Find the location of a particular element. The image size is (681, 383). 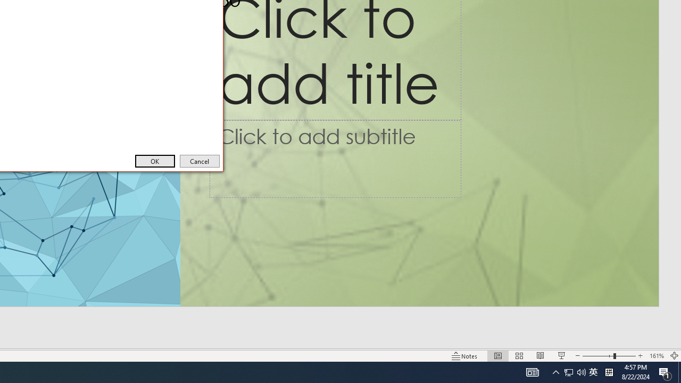

'OK' is located at coordinates (154, 161).